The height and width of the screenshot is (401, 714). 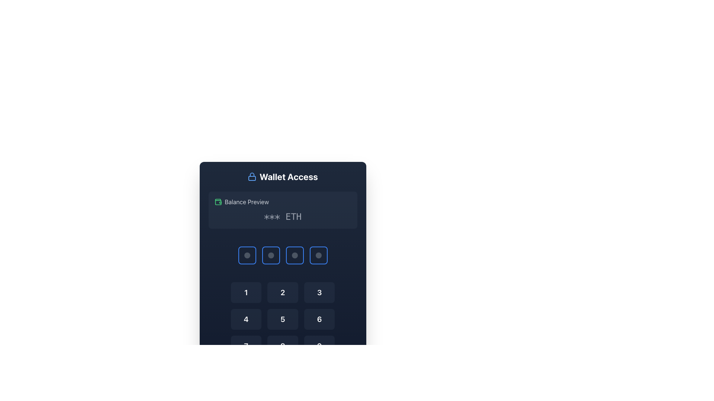 What do you see at coordinates (318, 255) in the screenshot?
I see `the last square-shaped decorative or status indicator with a blue border and a dark gray circle at its center` at bounding box center [318, 255].